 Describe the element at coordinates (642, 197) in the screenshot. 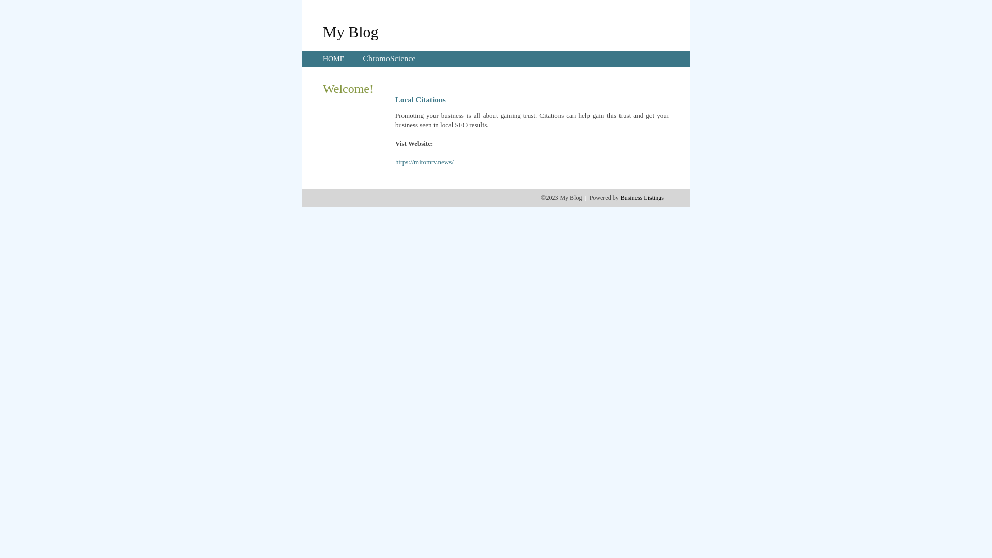

I see `'Business Listings'` at that location.